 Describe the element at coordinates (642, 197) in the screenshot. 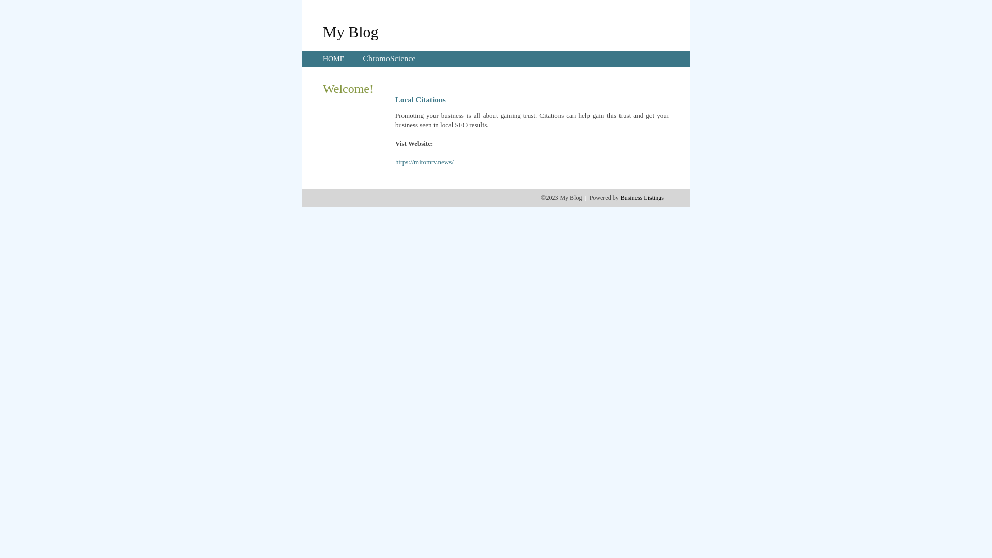

I see `'Business Listings'` at that location.